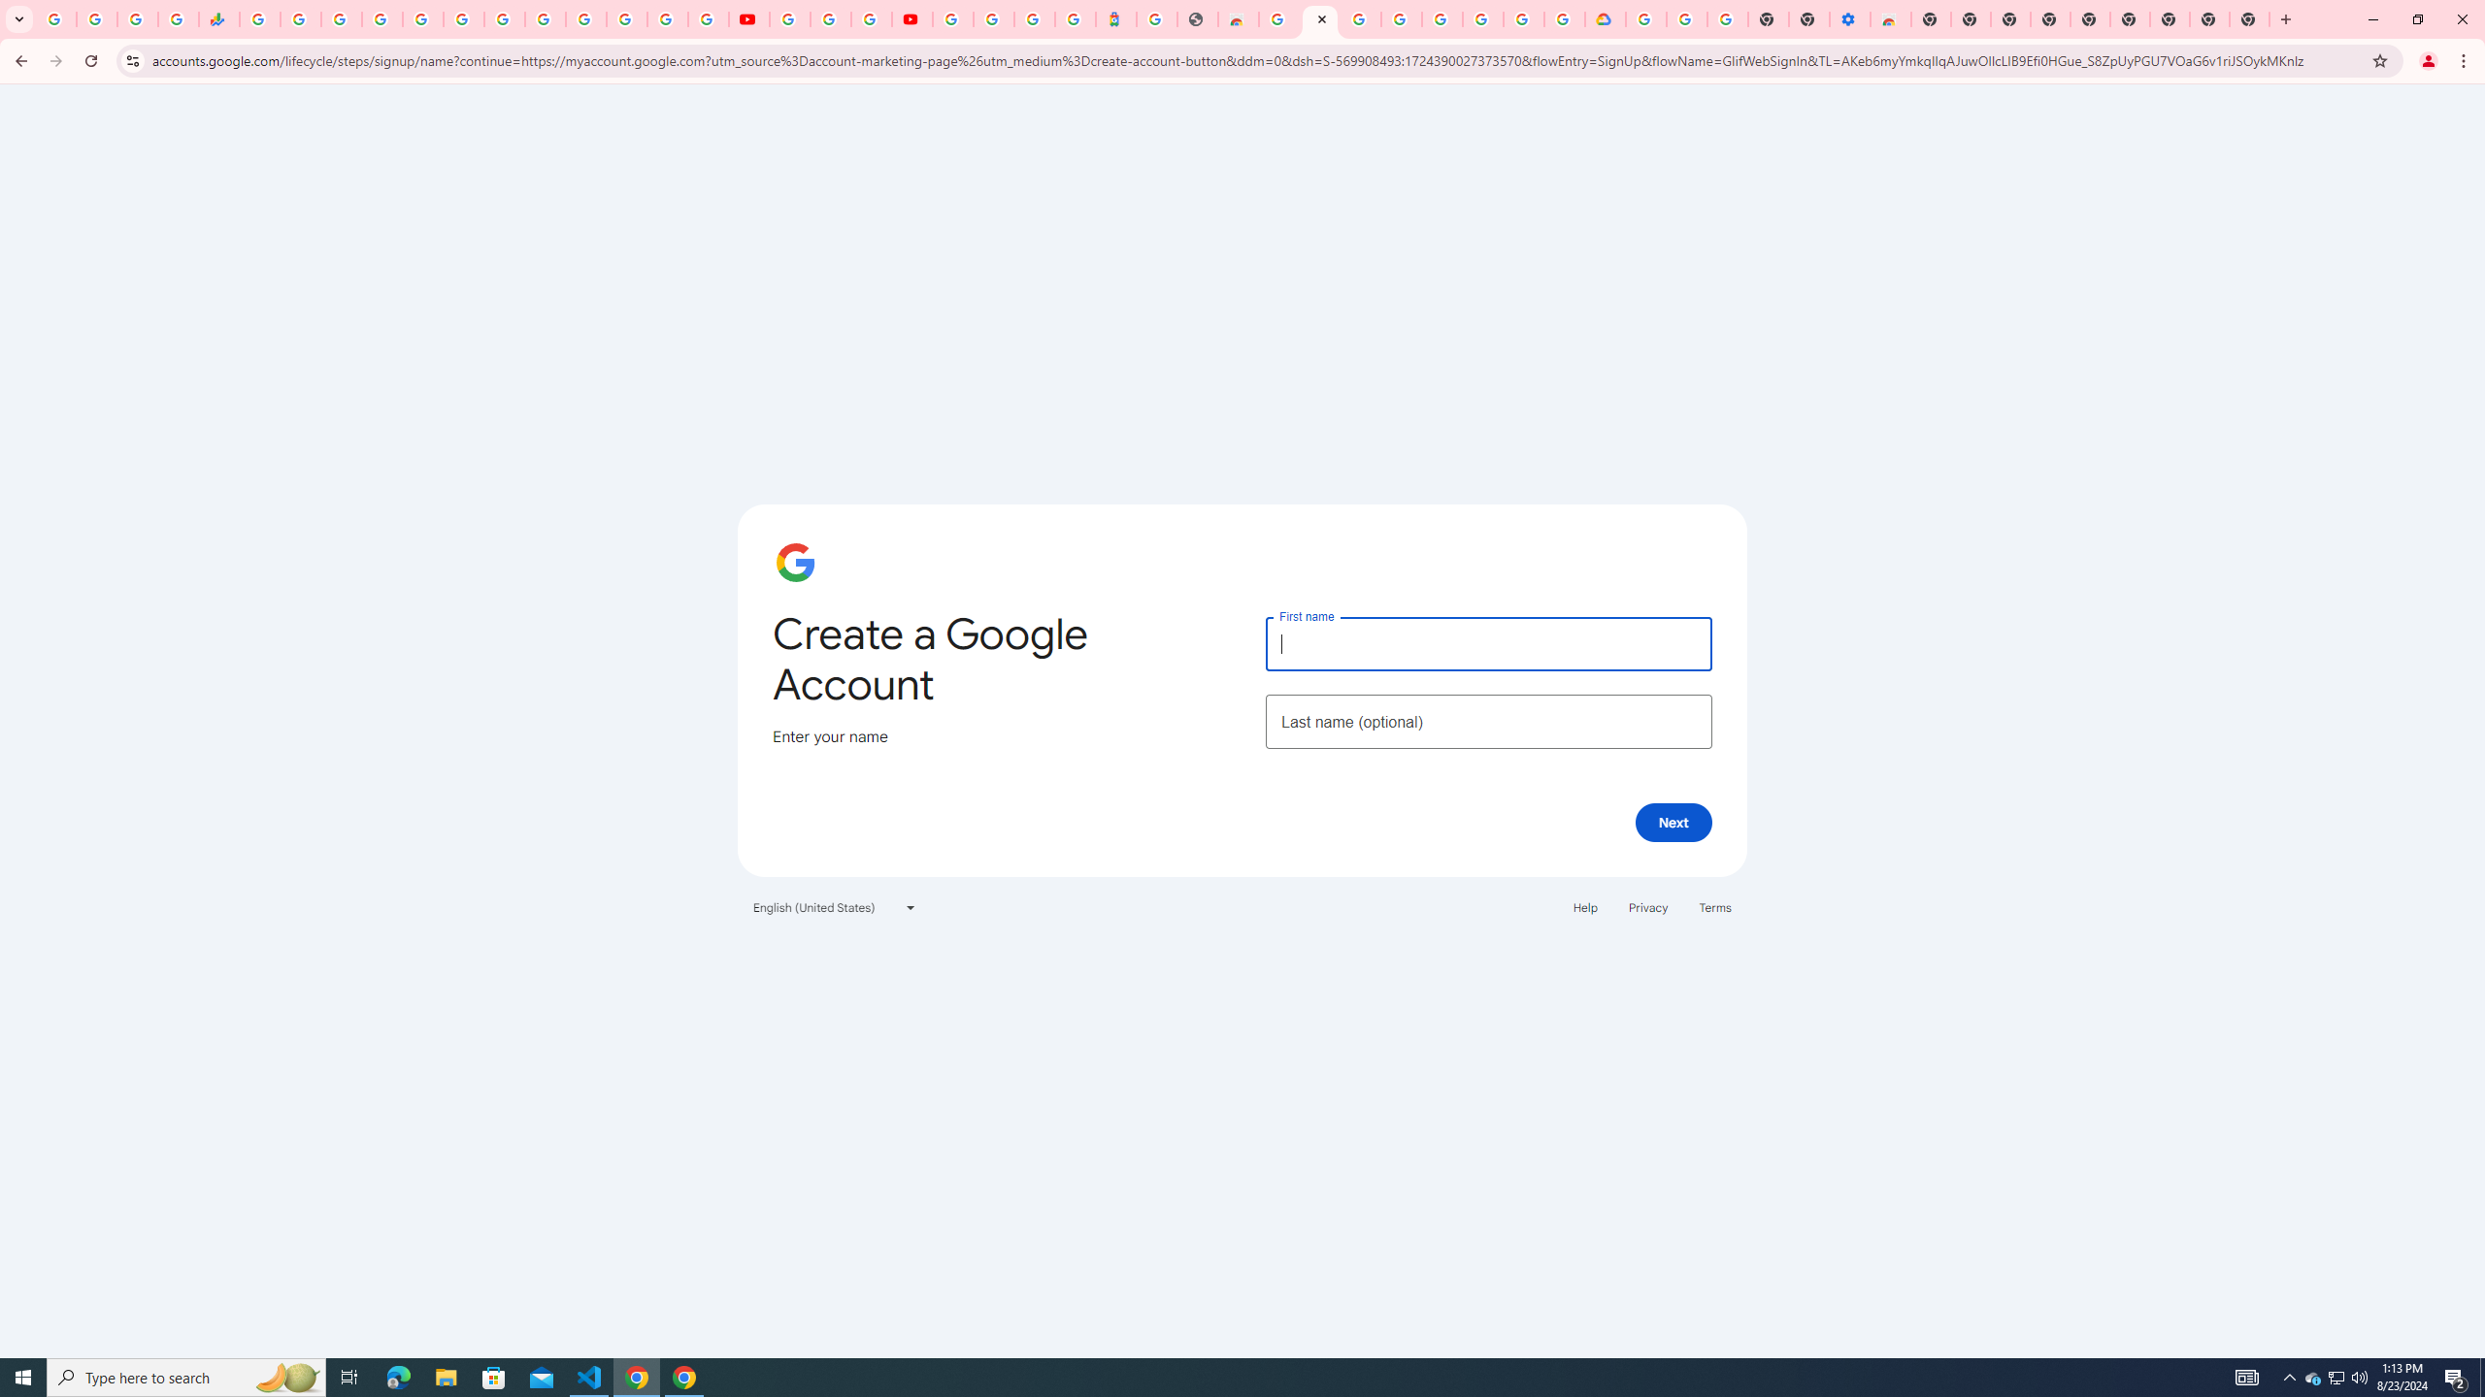 Image resolution: width=2485 pixels, height=1397 pixels. What do you see at coordinates (2250, 18) in the screenshot?
I see `'New Tab'` at bounding box center [2250, 18].